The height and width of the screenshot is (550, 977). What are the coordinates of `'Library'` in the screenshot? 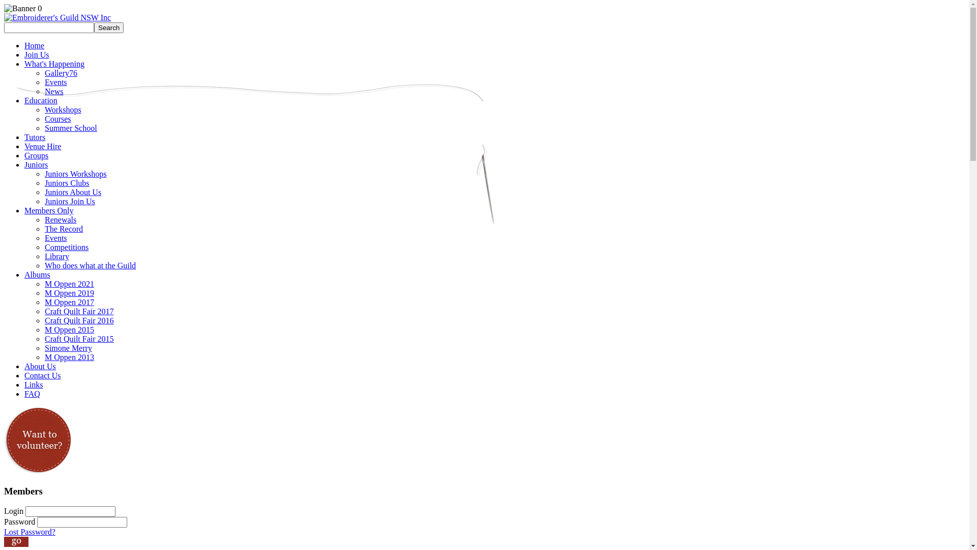 It's located at (56, 256).